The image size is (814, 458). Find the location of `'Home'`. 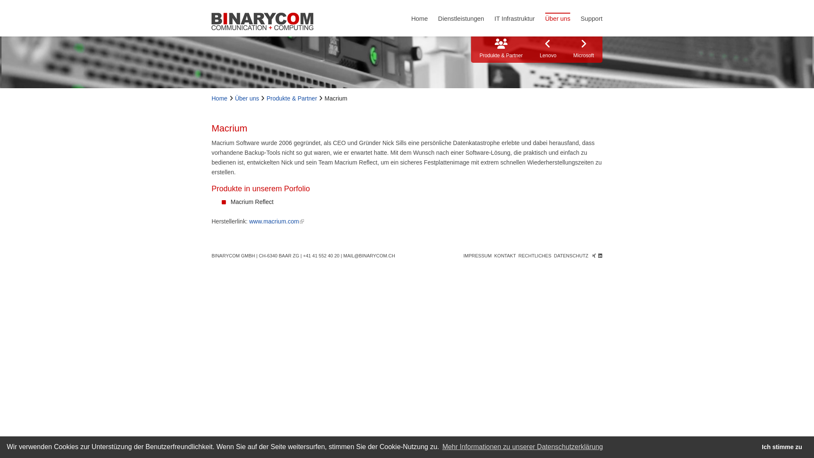

'Home' is located at coordinates (419, 18).